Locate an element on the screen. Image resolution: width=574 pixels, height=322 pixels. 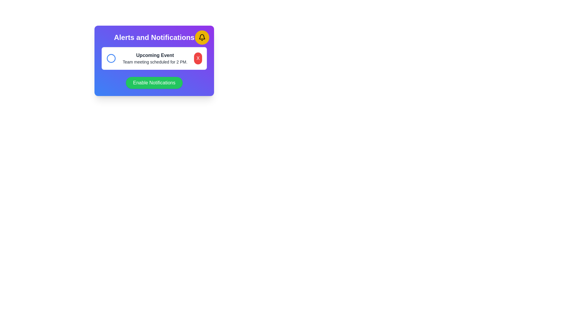
the static text element that reads 'Team meeting scheduled for 2 PM.' which is located below 'Upcoming Event' in the 'Alerts and Notifications' card is located at coordinates (155, 62).